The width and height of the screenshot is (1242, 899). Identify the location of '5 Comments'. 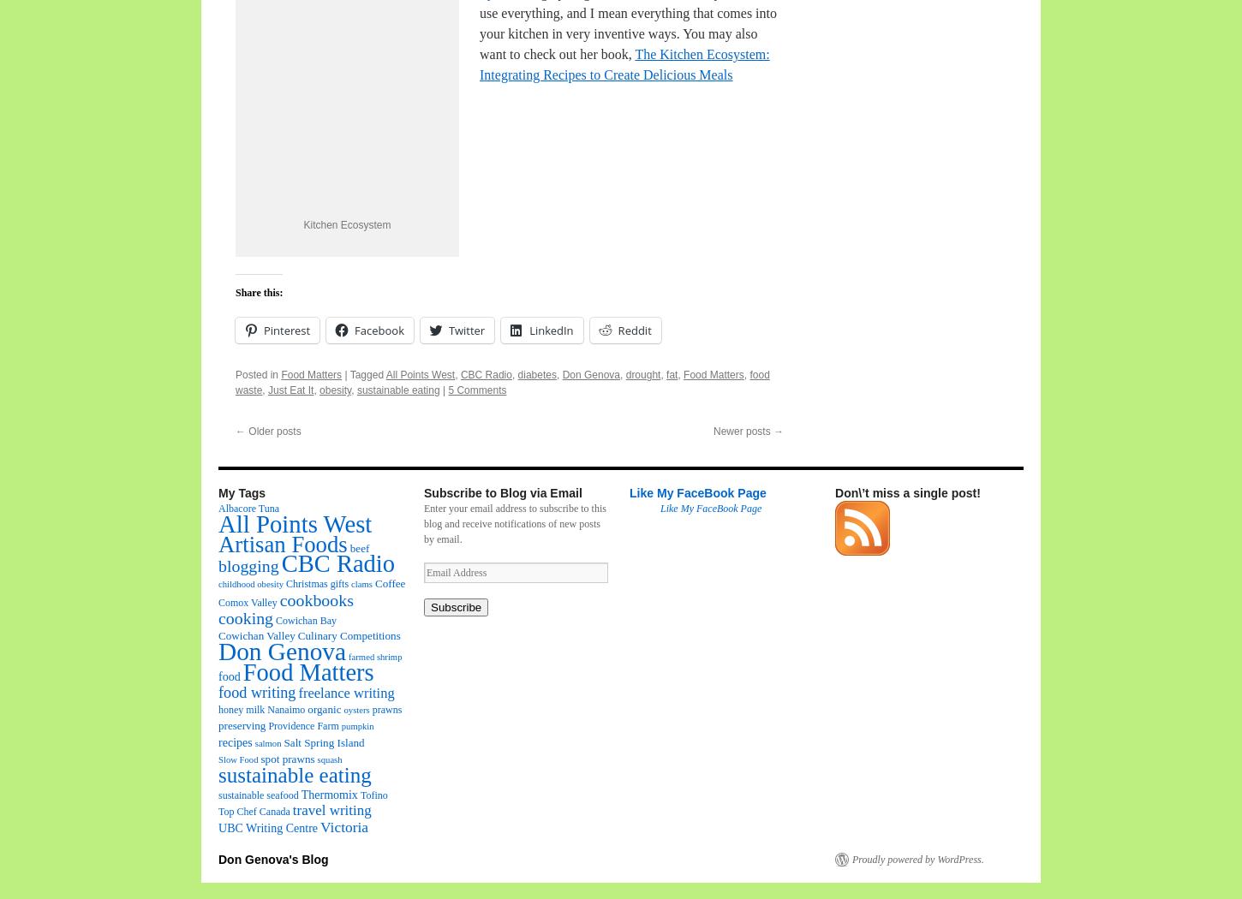
(476, 390).